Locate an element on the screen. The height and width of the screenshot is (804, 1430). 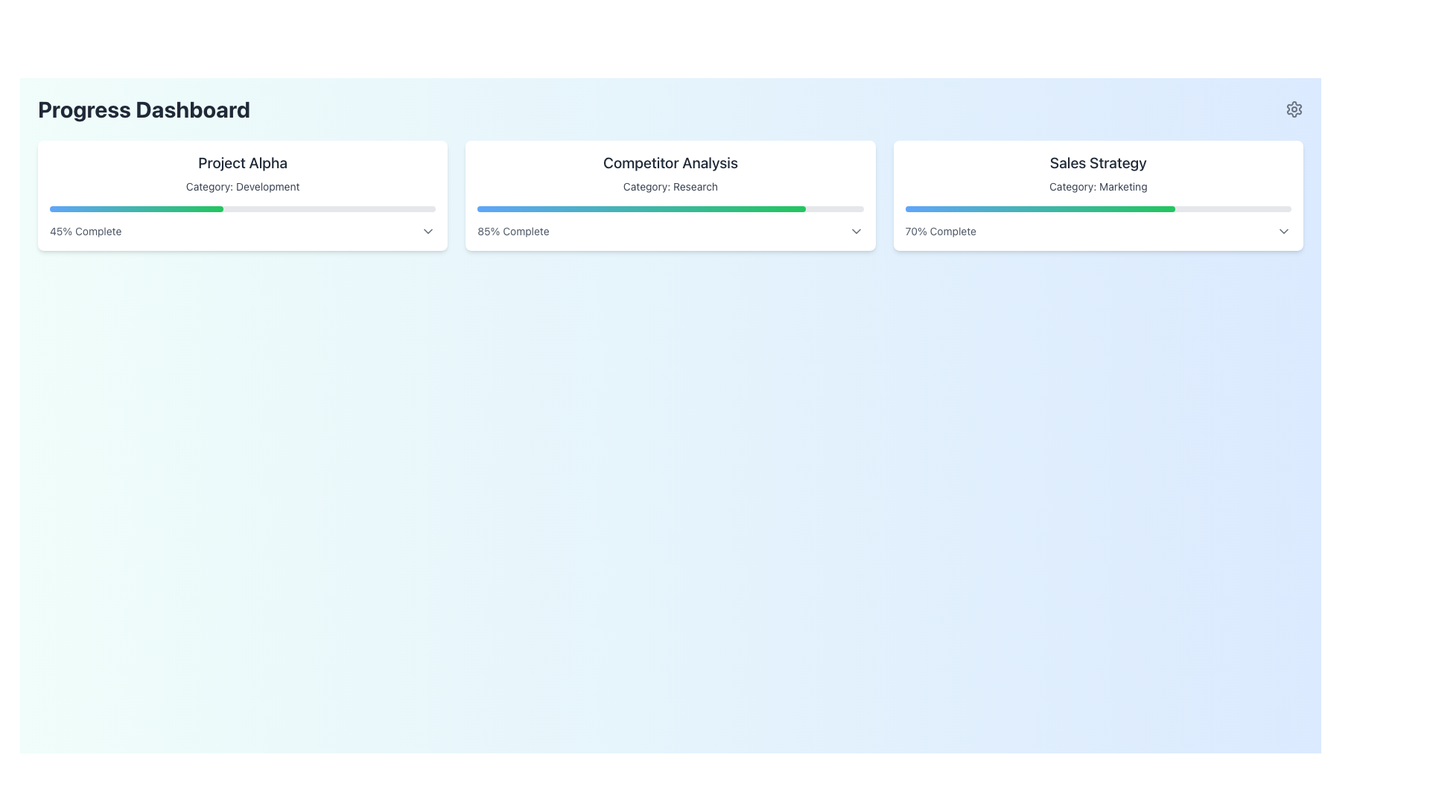
the text element displaying '45% Complete', which is styled in a small light gray font and positioned below the progress bar in the 'Project Alpha' card on the Progress Dashboard is located at coordinates (85, 232).